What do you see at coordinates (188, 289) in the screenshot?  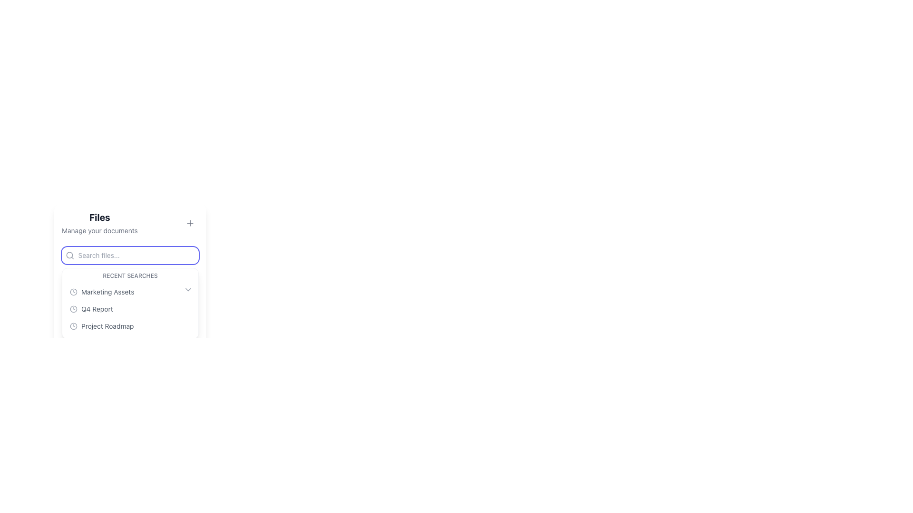 I see `the right-pointing chevron icon located on the far right of the 'Documents' row, adjacent to the text '43 items'` at bounding box center [188, 289].